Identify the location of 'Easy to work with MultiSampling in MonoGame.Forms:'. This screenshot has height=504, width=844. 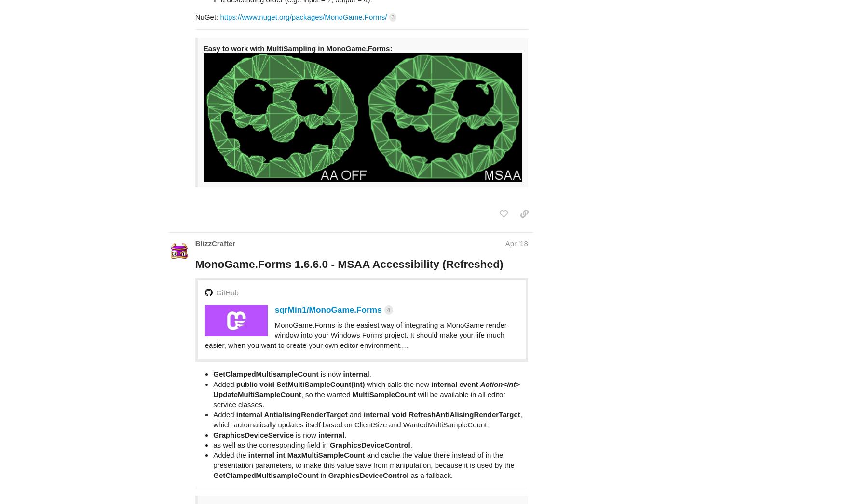
(298, 10).